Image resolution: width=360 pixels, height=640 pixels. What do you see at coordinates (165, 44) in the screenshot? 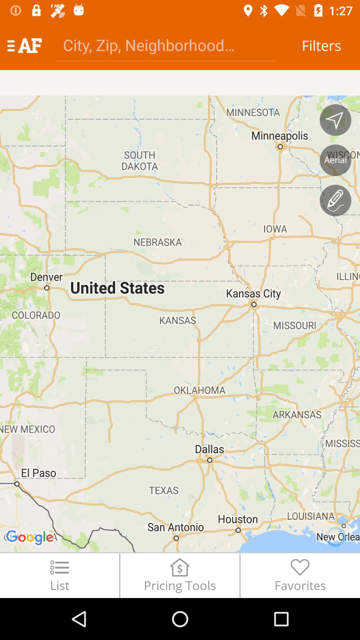
I see `search` at bounding box center [165, 44].